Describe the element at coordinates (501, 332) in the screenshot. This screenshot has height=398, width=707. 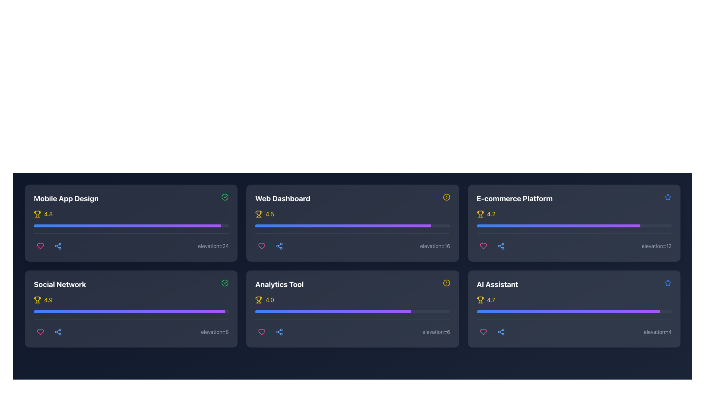
I see `the share button located at the bottom-center of the 'AI Assistant' card, immediately to the right of the heart-shaped button` at that location.